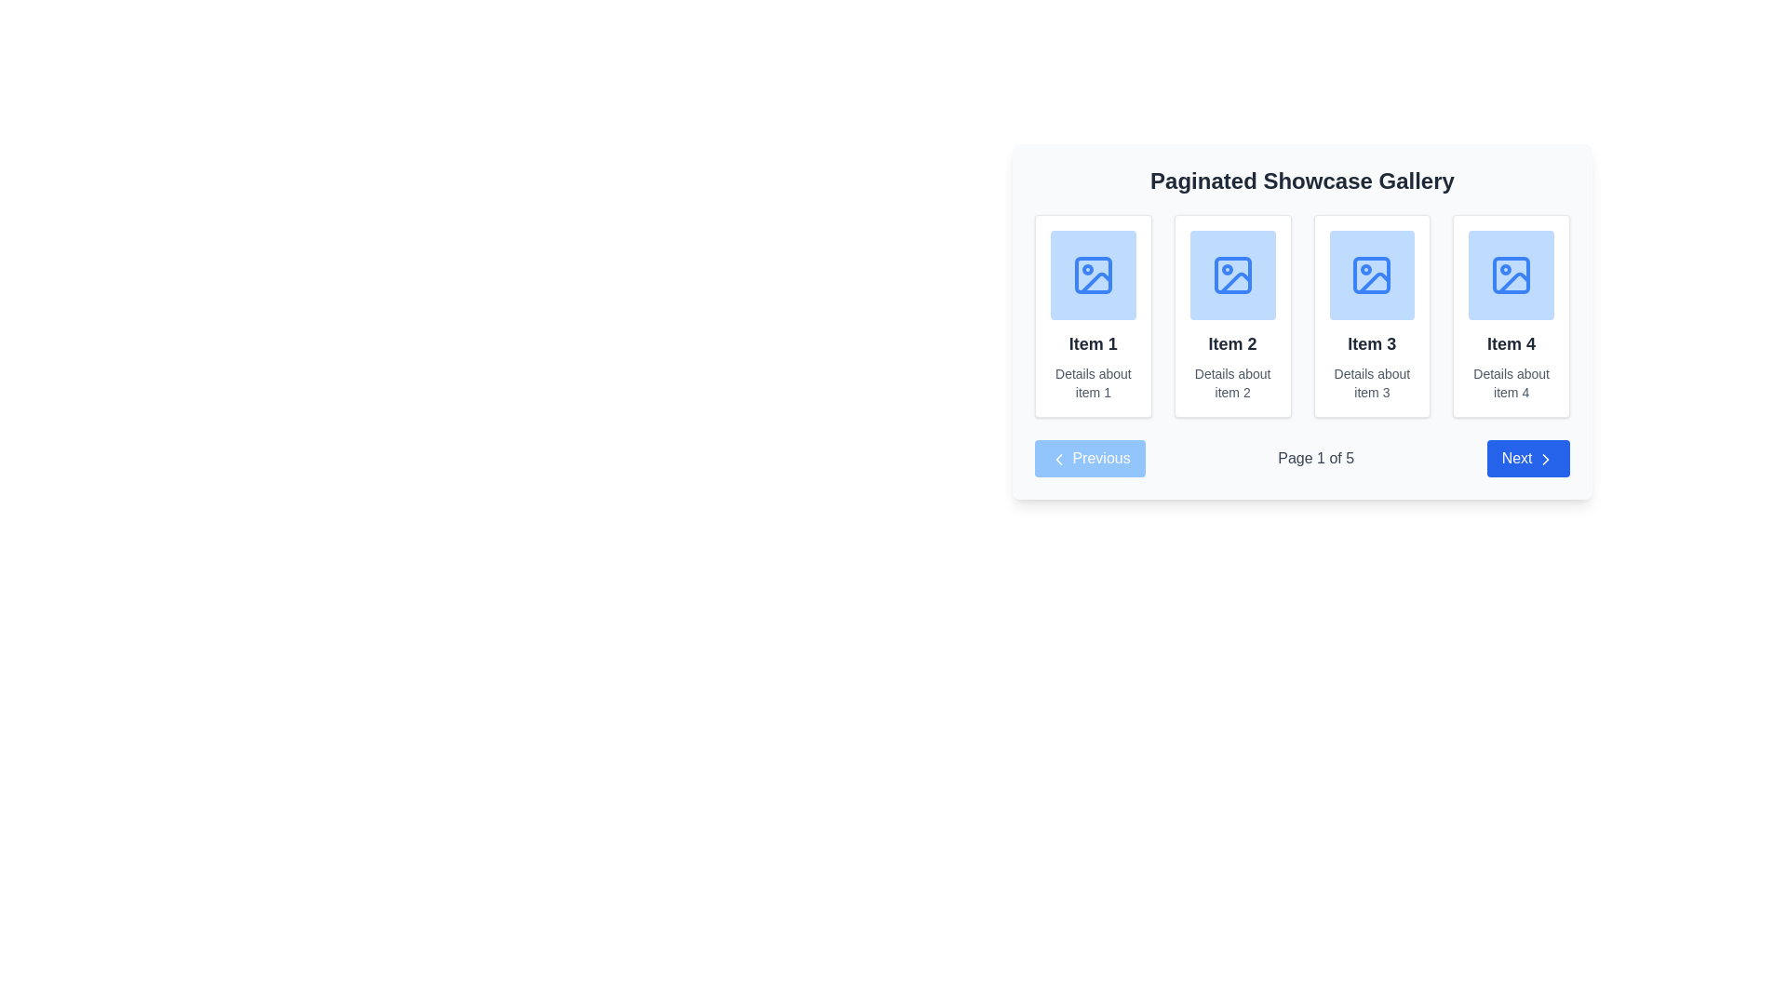 This screenshot has width=1787, height=1005. Describe the element at coordinates (1093, 315) in the screenshot. I see `the first card in the grid, which has a white background, a border, and contains a blue image placeholder, a bold title 'Item 1', and a description 'Details about item 1'` at that location.